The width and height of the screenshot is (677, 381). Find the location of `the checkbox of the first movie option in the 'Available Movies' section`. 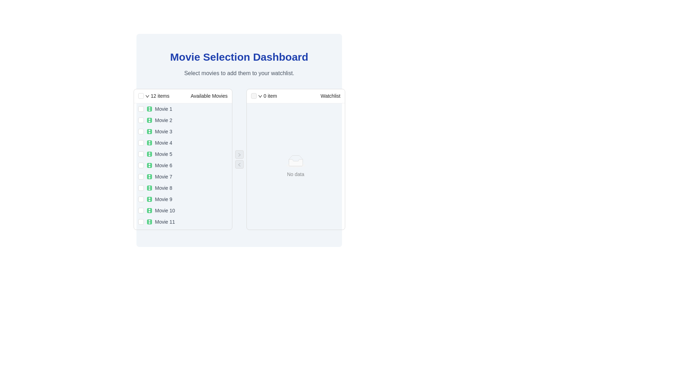

the checkbox of the first movie option in the 'Available Movies' section is located at coordinates (183, 109).